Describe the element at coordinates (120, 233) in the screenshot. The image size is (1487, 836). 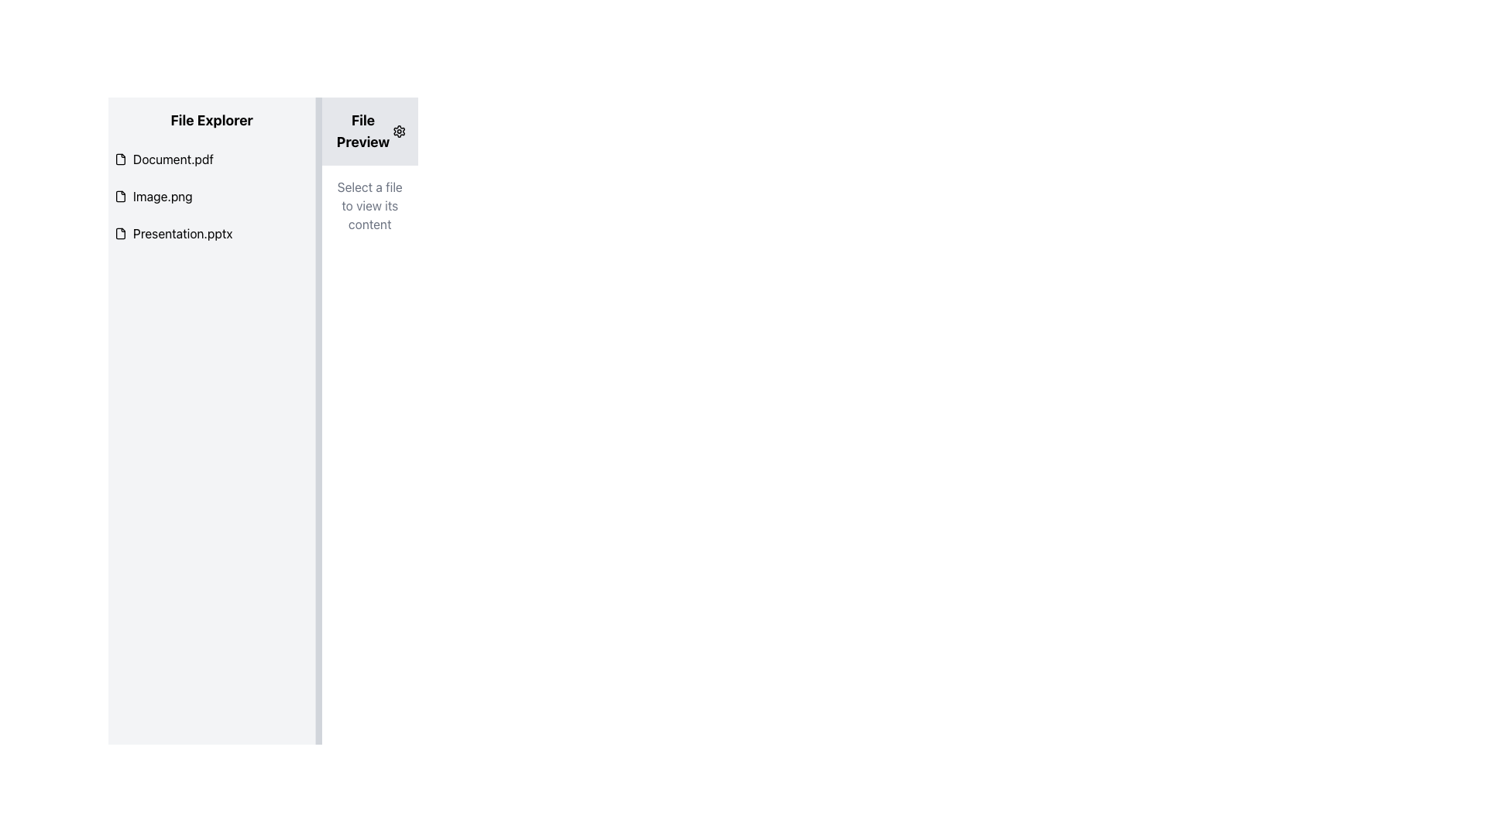
I see `the small document icon located in the 'File Explorer' column next to 'Presentation.pptx'` at that location.